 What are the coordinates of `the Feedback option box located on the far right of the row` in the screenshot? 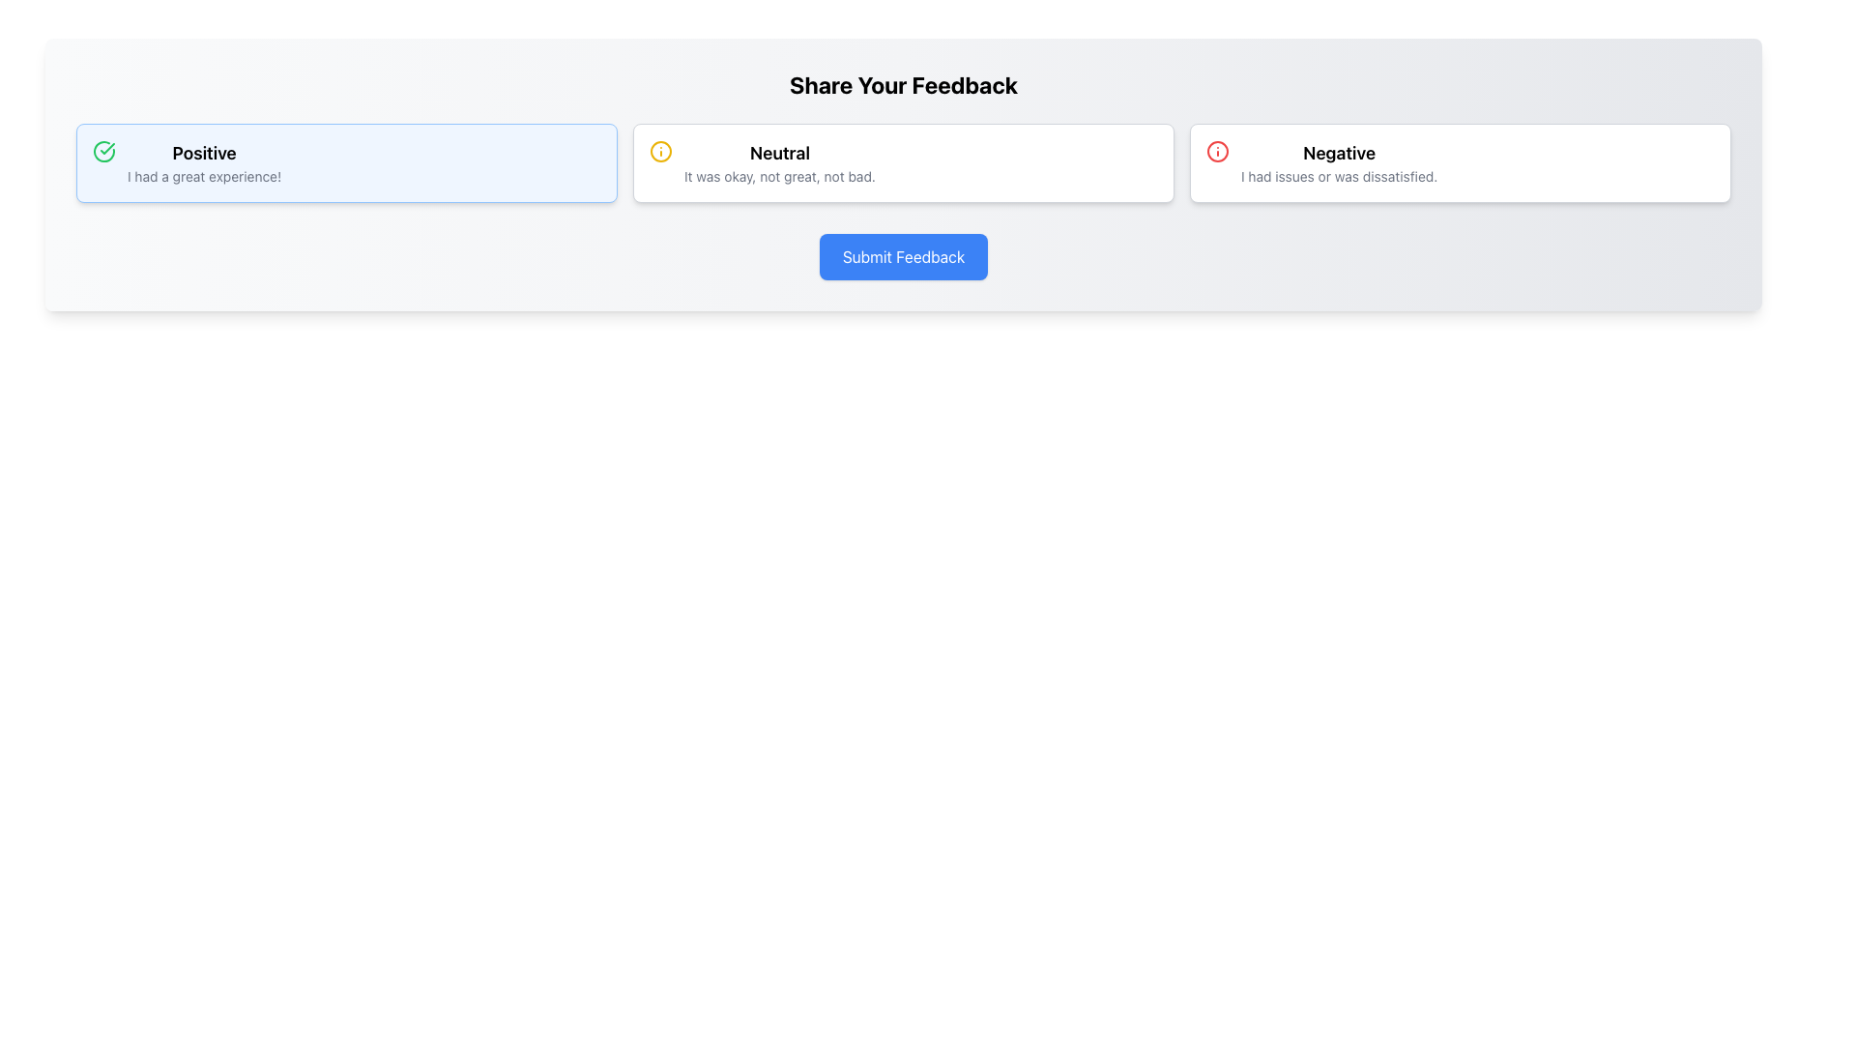 It's located at (1461, 162).